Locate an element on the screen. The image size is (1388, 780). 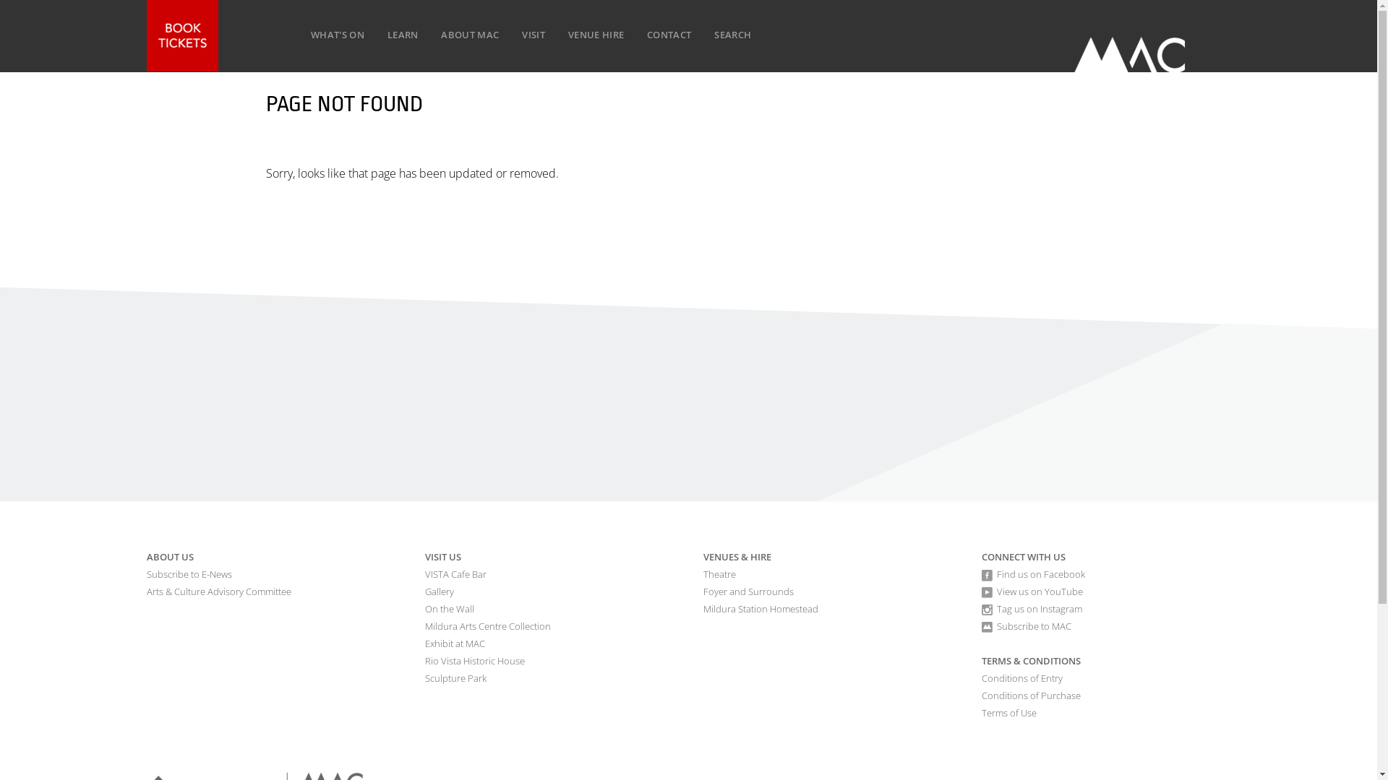
'ABOUT MAC' is located at coordinates (432, 34).